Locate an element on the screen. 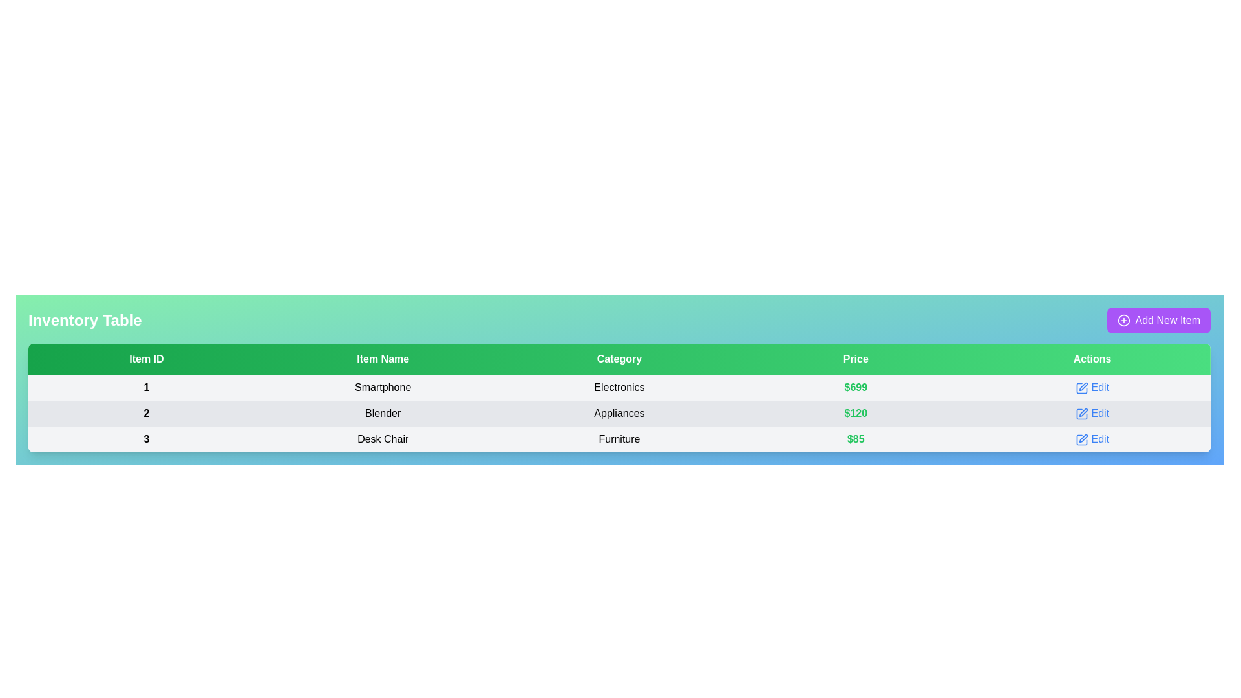  the pen icon located to the left of the text 'Edit' in the 'Edit' button, which is the last item in the 'Actions' column of the third row in the table is located at coordinates (1082, 439).